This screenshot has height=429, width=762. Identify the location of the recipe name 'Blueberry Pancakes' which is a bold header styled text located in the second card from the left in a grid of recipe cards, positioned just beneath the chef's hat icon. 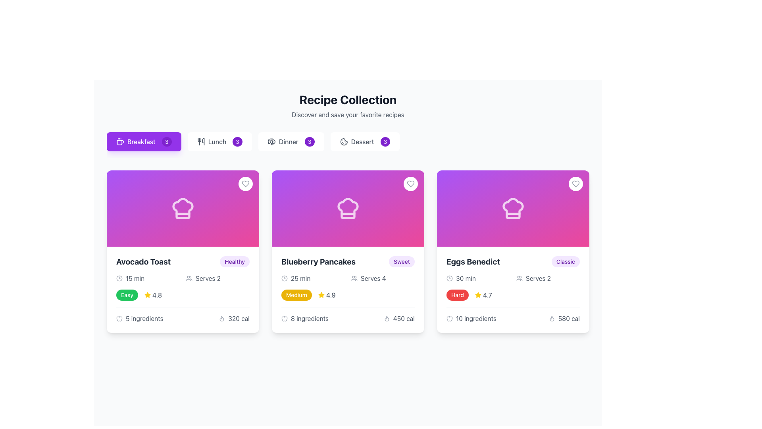
(348, 262).